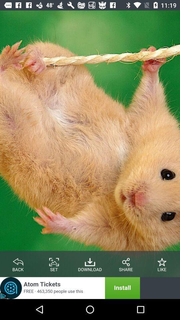  What do you see at coordinates (70, 288) in the screenshot?
I see `click the advertisement` at bounding box center [70, 288].